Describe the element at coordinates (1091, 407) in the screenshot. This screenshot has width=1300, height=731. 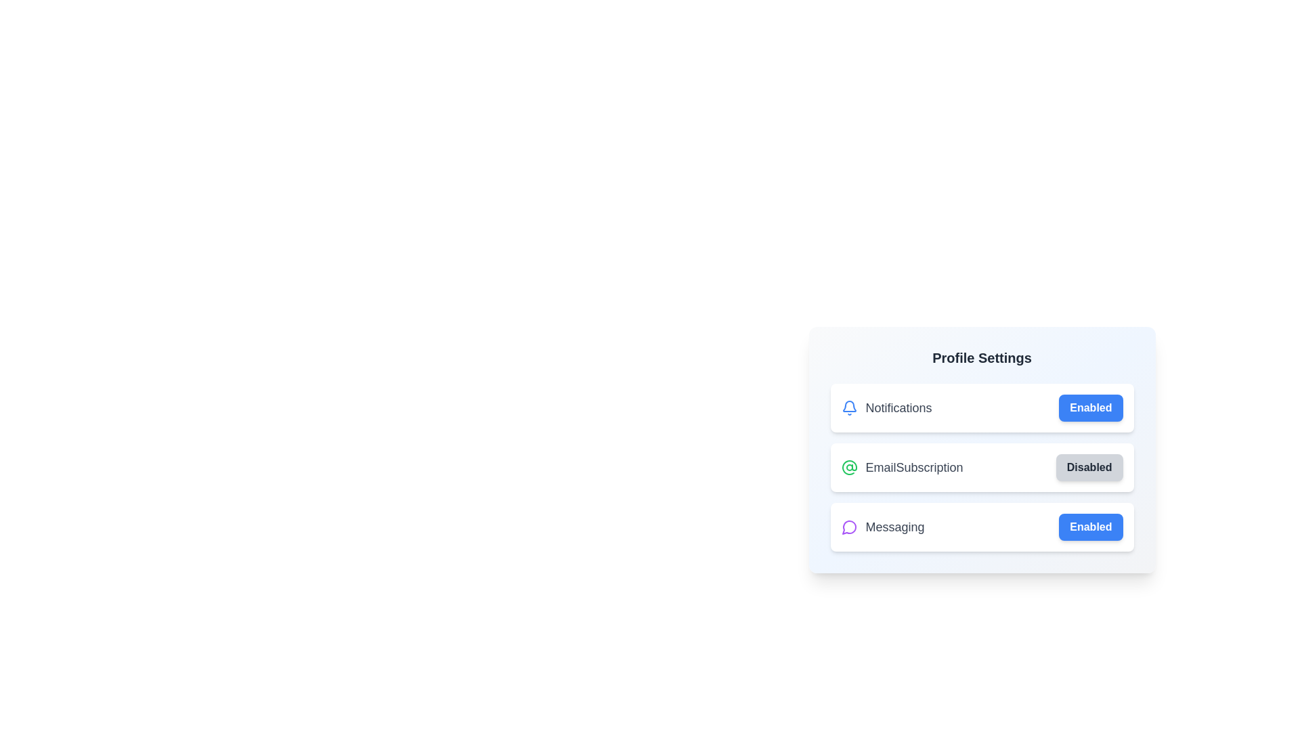
I see `the 'Enabled' button for Notifications to observe its hover effect` at that location.